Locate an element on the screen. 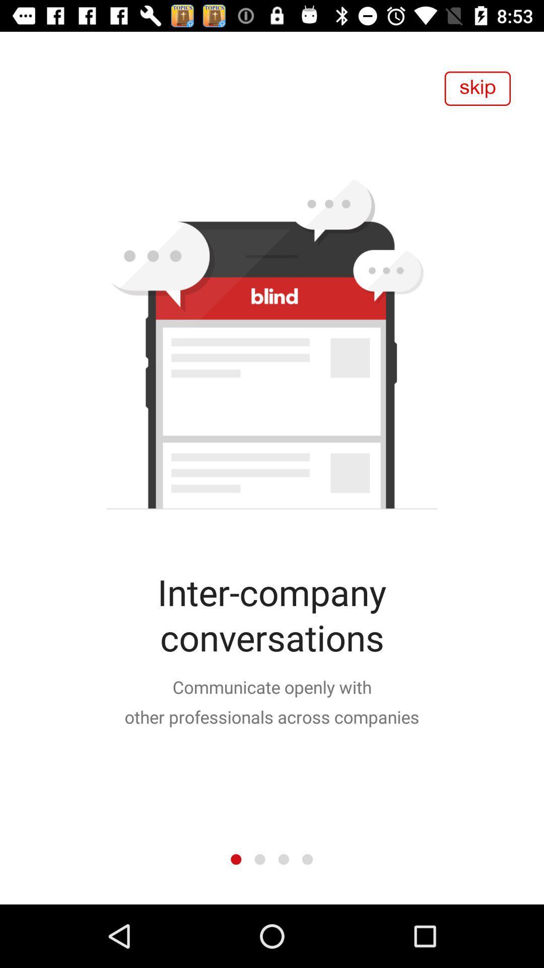 This screenshot has width=544, height=968. skip to next is located at coordinates (477, 88).